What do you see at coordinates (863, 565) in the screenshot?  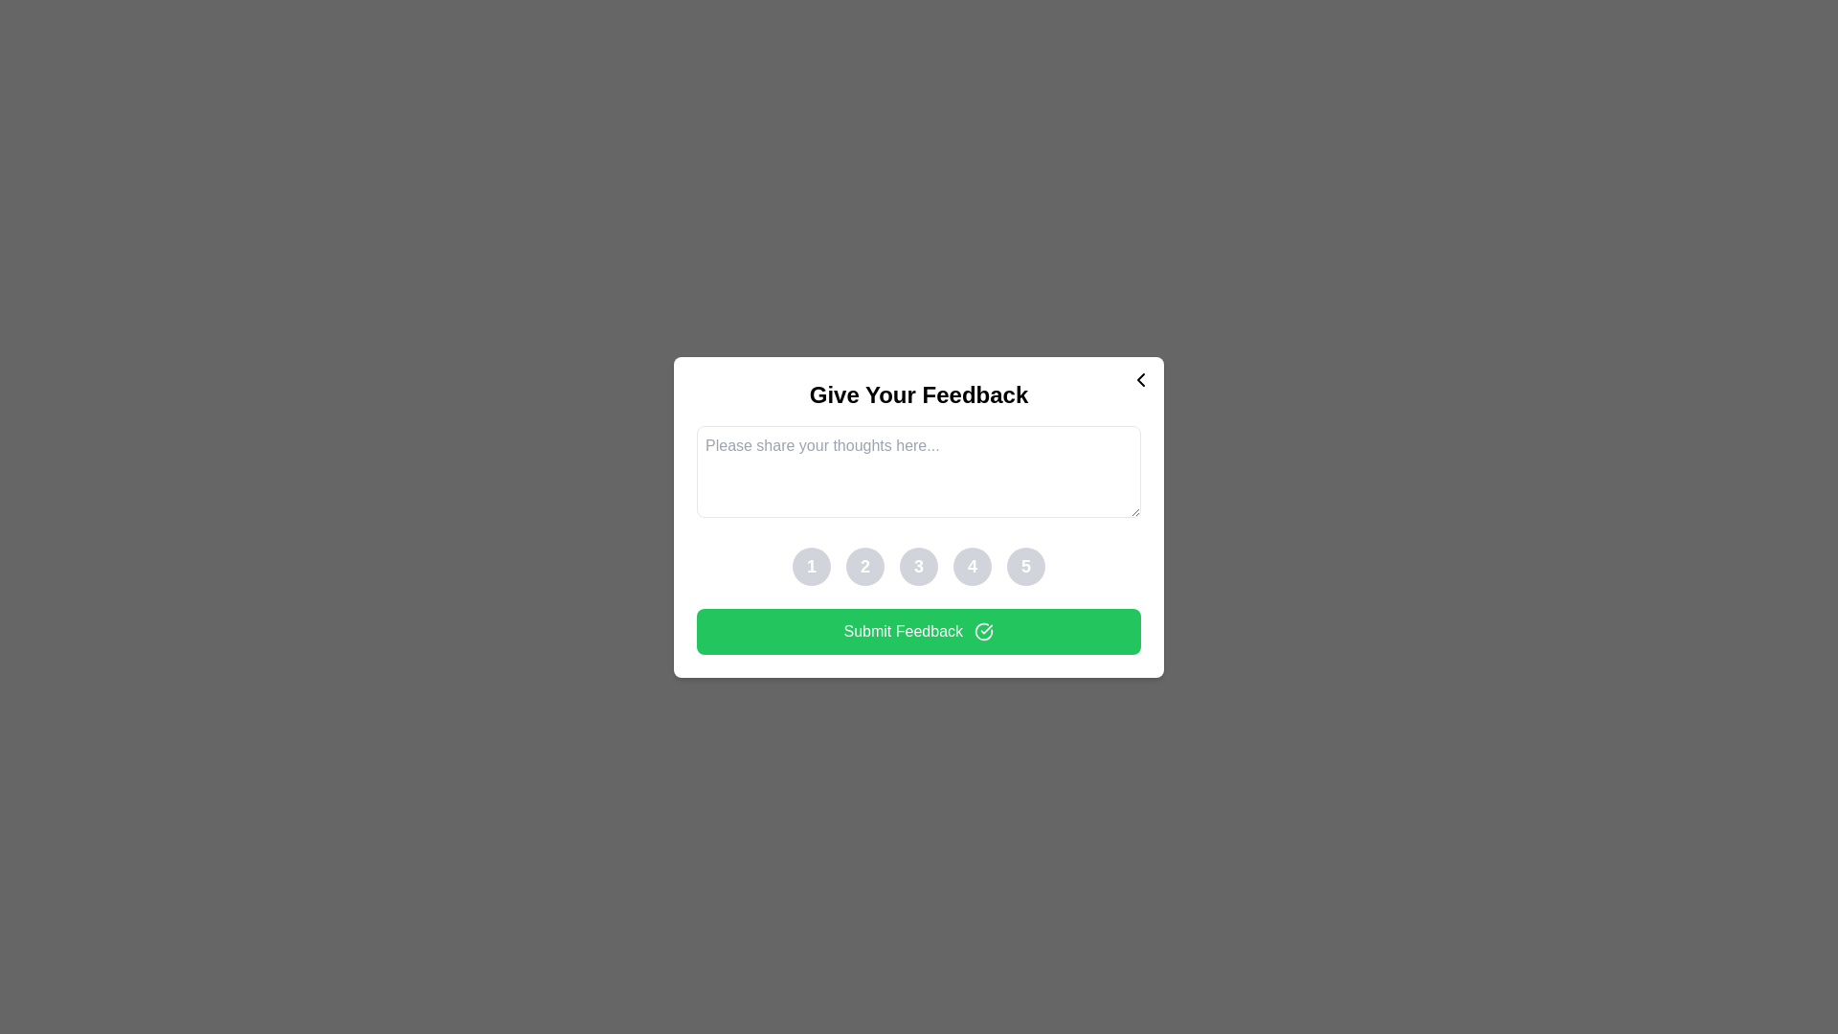 I see `the button corresponding to the rating 2` at bounding box center [863, 565].